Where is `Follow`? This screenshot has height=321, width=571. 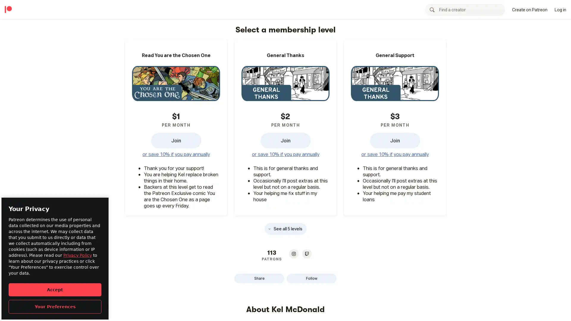
Follow is located at coordinates (311, 278).